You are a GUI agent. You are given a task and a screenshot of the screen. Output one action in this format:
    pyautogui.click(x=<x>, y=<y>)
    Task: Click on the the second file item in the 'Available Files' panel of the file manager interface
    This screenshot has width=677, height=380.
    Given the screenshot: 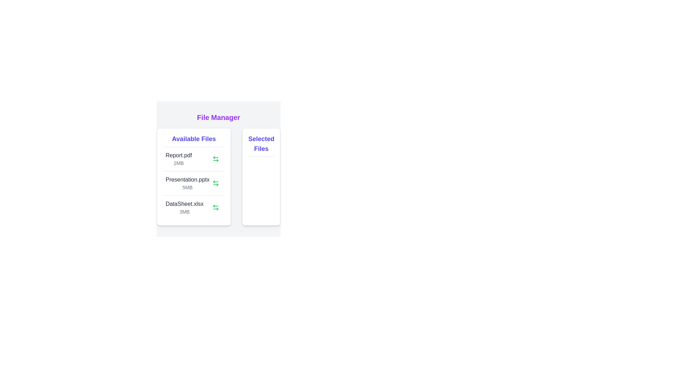 What is the action you would take?
    pyautogui.click(x=194, y=183)
    